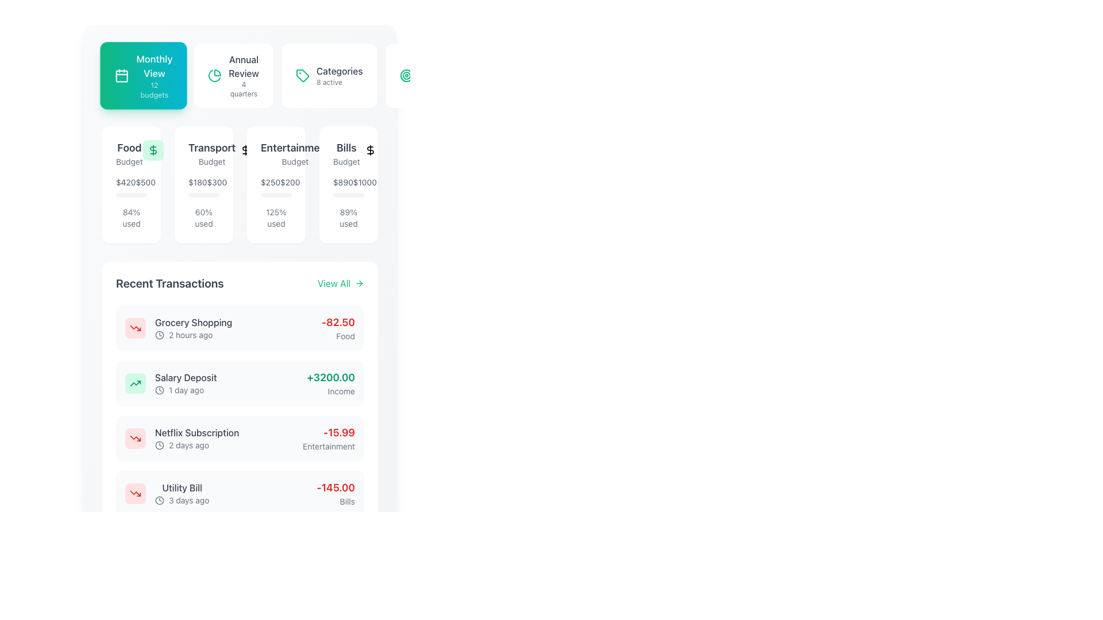 This screenshot has width=1103, height=620. What do you see at coordinates (330, 383) in the screenshot?
I see `the text display showing the monetary amount '+3200.00' in green, labeled 'Income' underneath the 'Salary Deposit' row in the 'Recent Transactions' section` at bounding box center [330, 383].